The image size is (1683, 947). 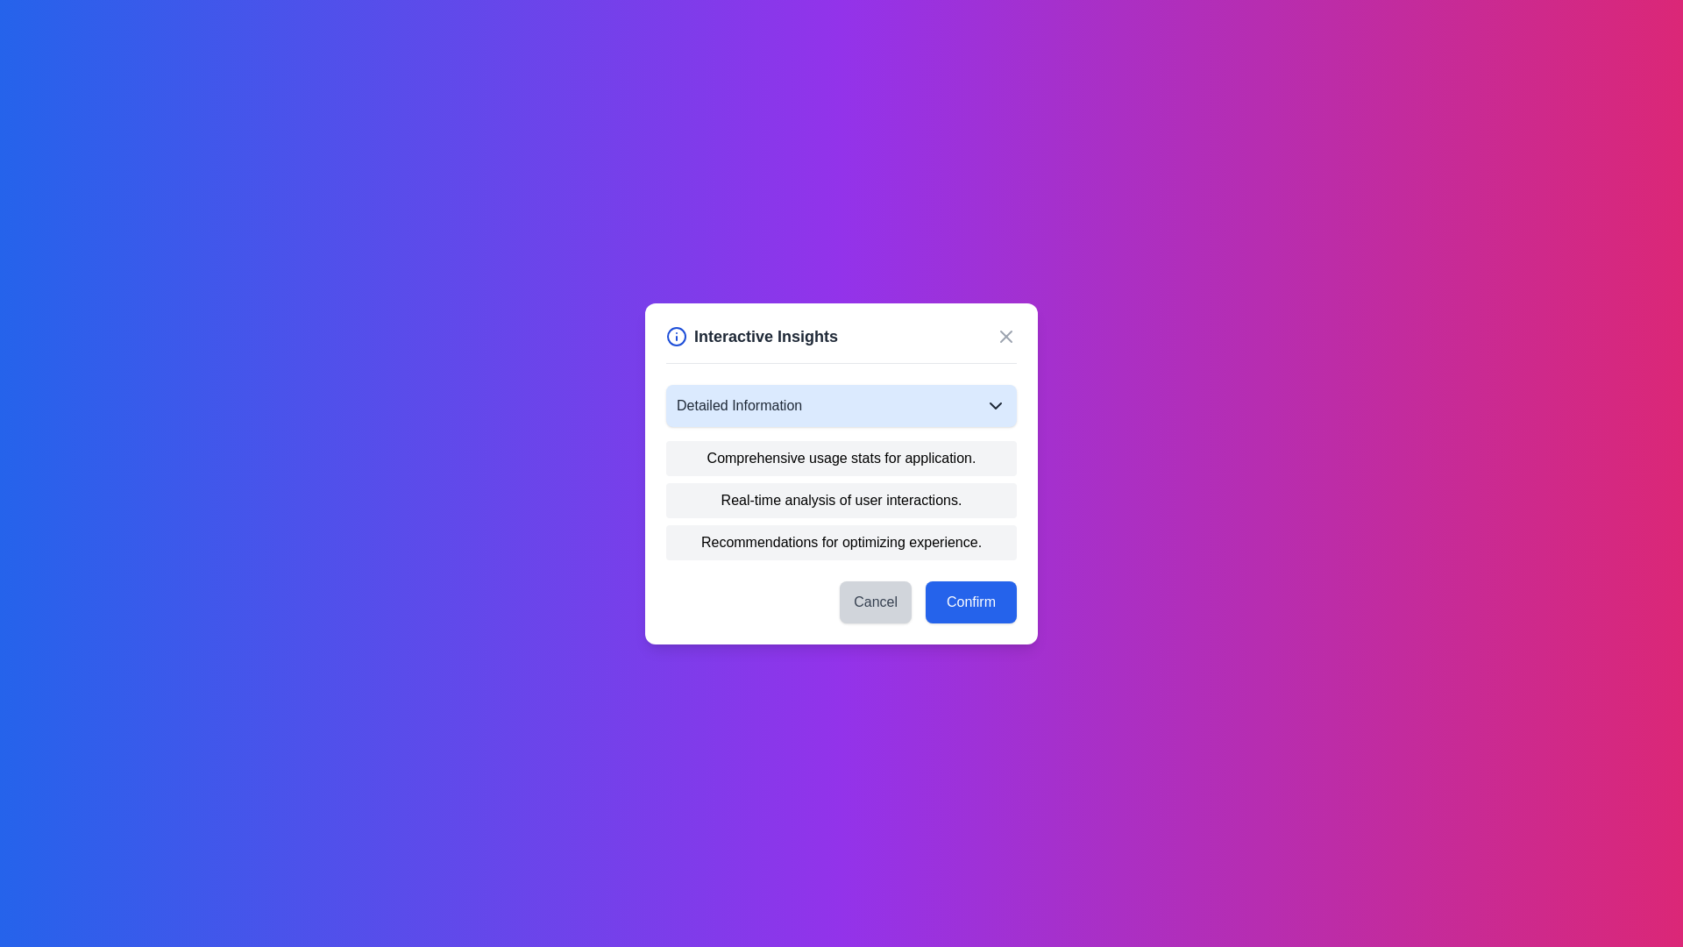 I want to click on the header area containing an icon and title text, which provides context for the dialog box, so click(x=752, y=336).